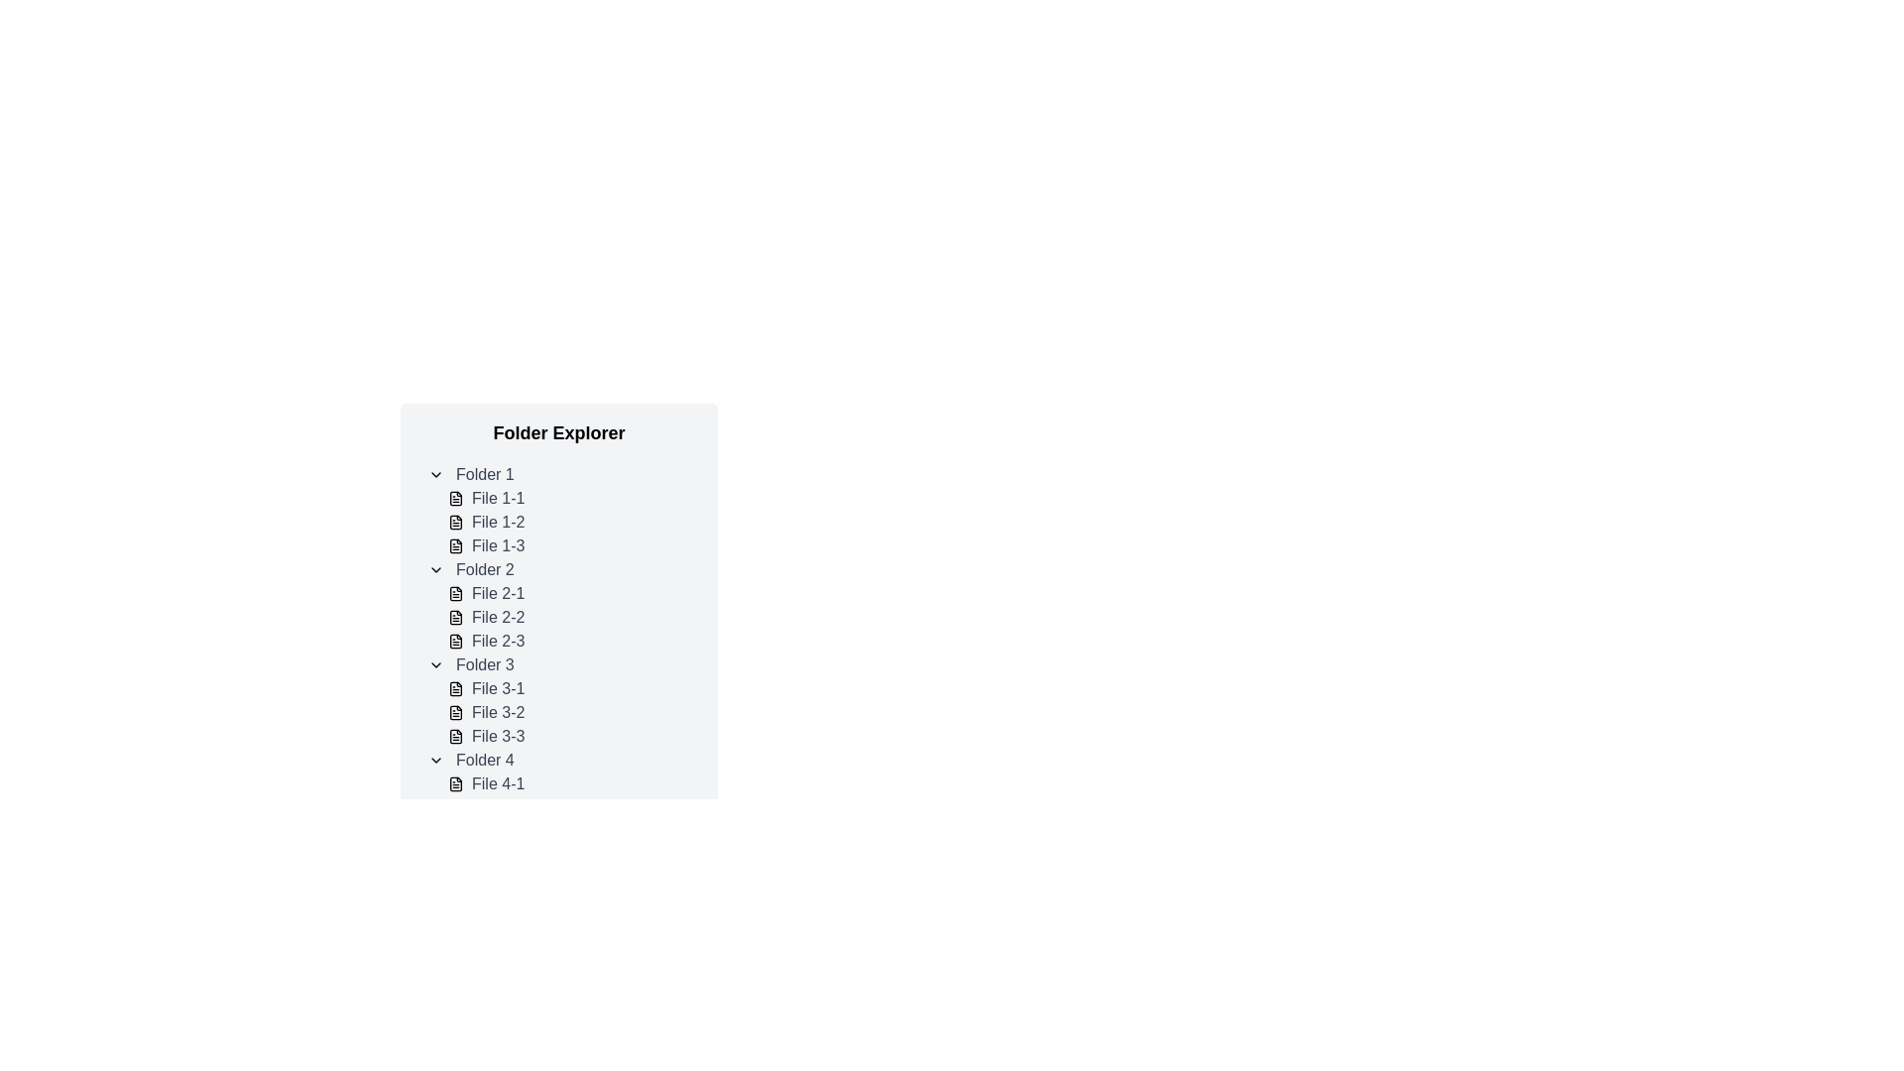 Image resolution: width=1904 pixels, height=1071 pixels. What do you see at coordinates (574, 617) in the screenshot?
I see `the list item labeled 'File 2-2' within the folder explorer` at bounding box center [574, 617].